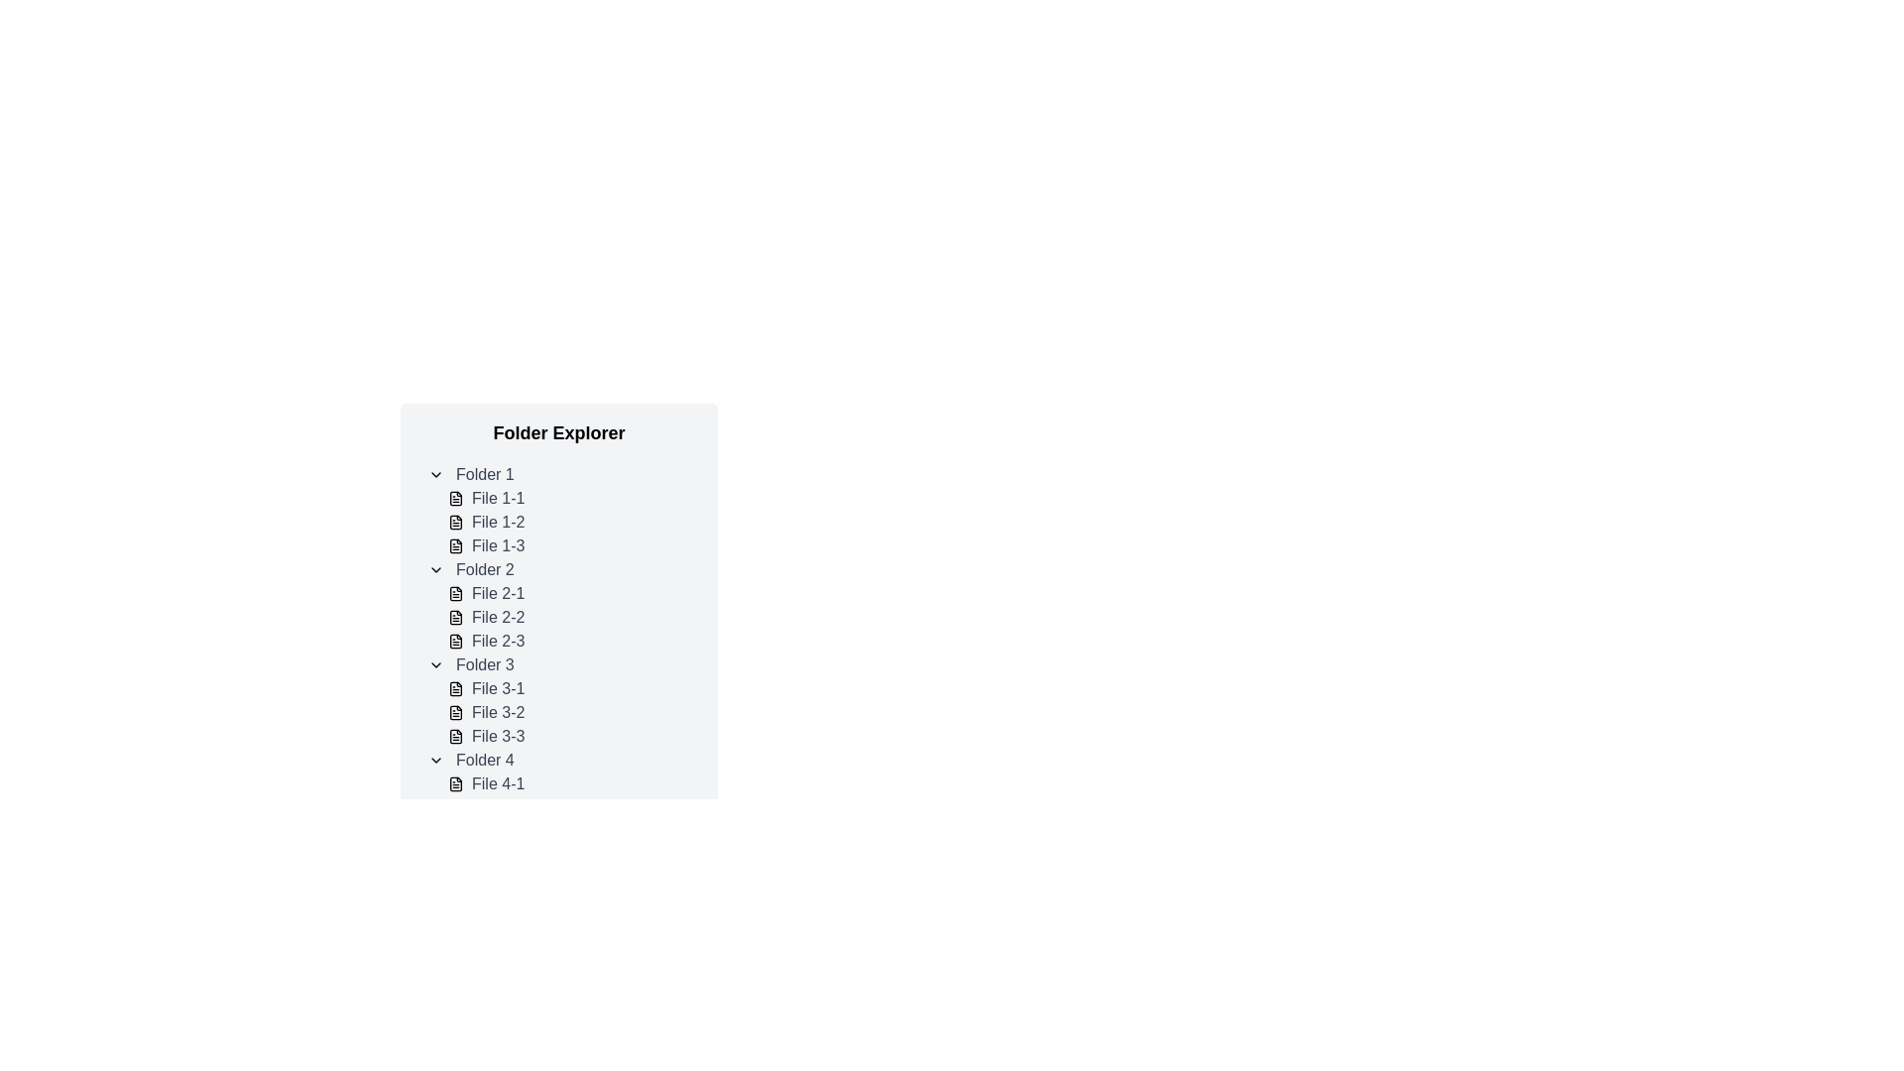 Image resolution: width=1904 pixels, height=1071 pixels. What do you see at coordinates (574, 617) in the screenshot?
I see `the list item labeled 'File 2-2' within the folder explorer` at bounding box center [574, 617].